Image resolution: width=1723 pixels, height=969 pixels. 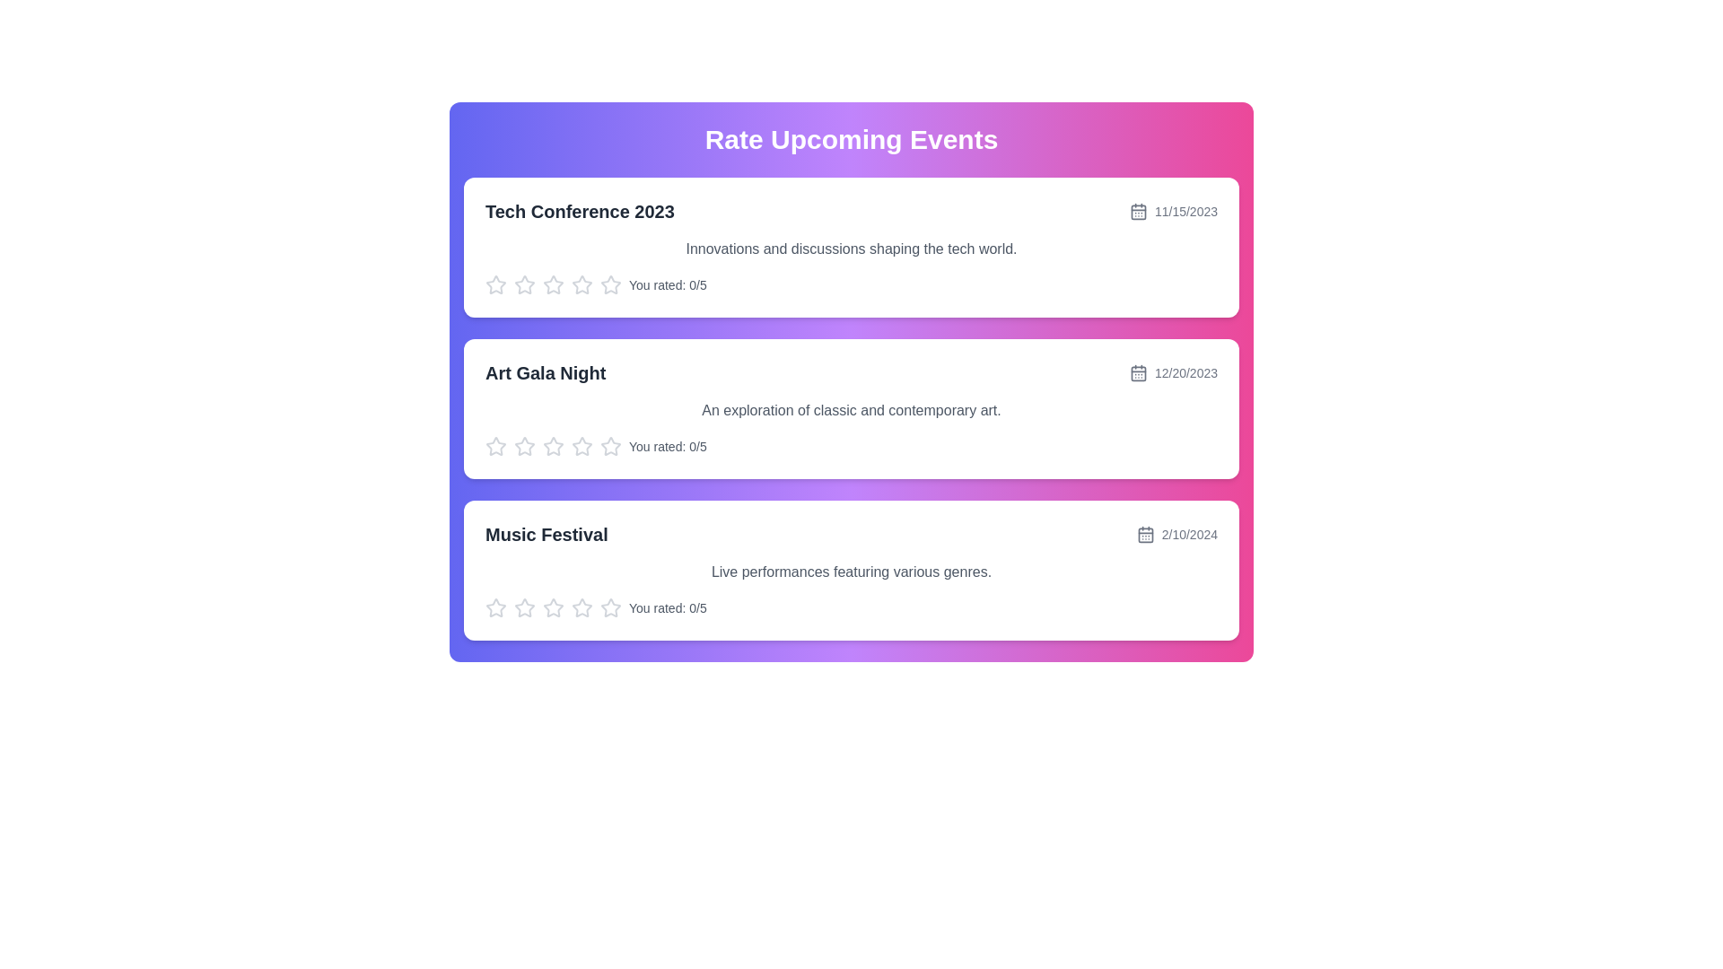 I want to click on the first star-shaped icon with a hollow outline in light gray color, which is part of a rating mechanism below the 'Tech Conference 2023' event card, so click(x=524, y=284).